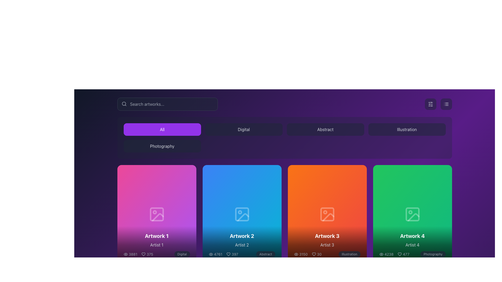 This screenshot has width=502, height=282. I want to click on the view count icon located at the bottom of the 'Artwork 4' card, which is the leftmost component in the metadata sequence, so click(381, 254).